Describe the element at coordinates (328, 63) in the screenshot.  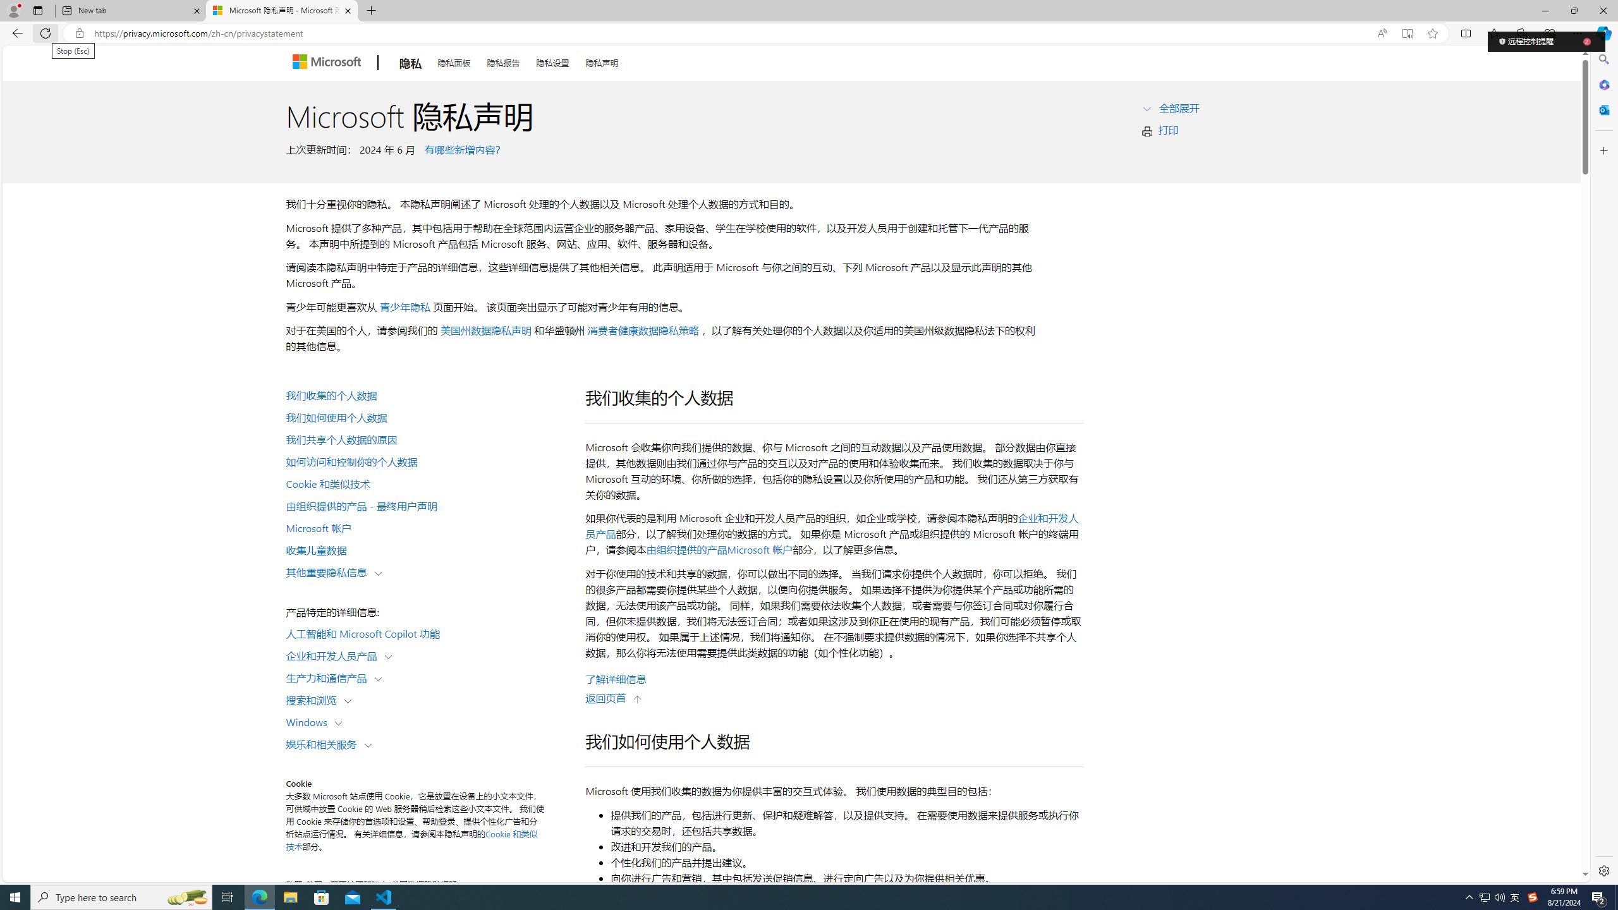
I see `'Microsoft'` at that location.